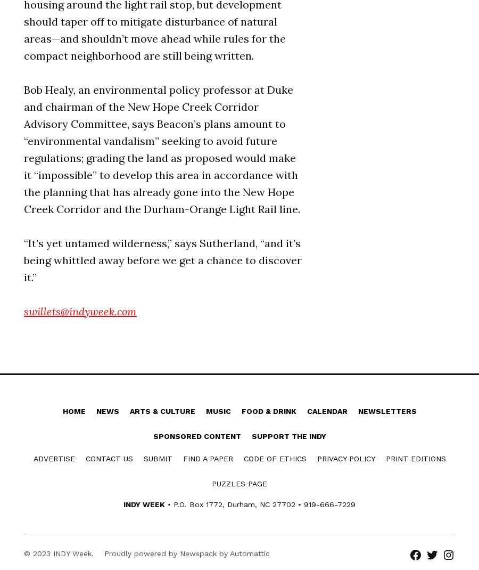 The height and width of the screenshot is (570, 479). I want to click on 'Food & Drink', so click(268, 410).